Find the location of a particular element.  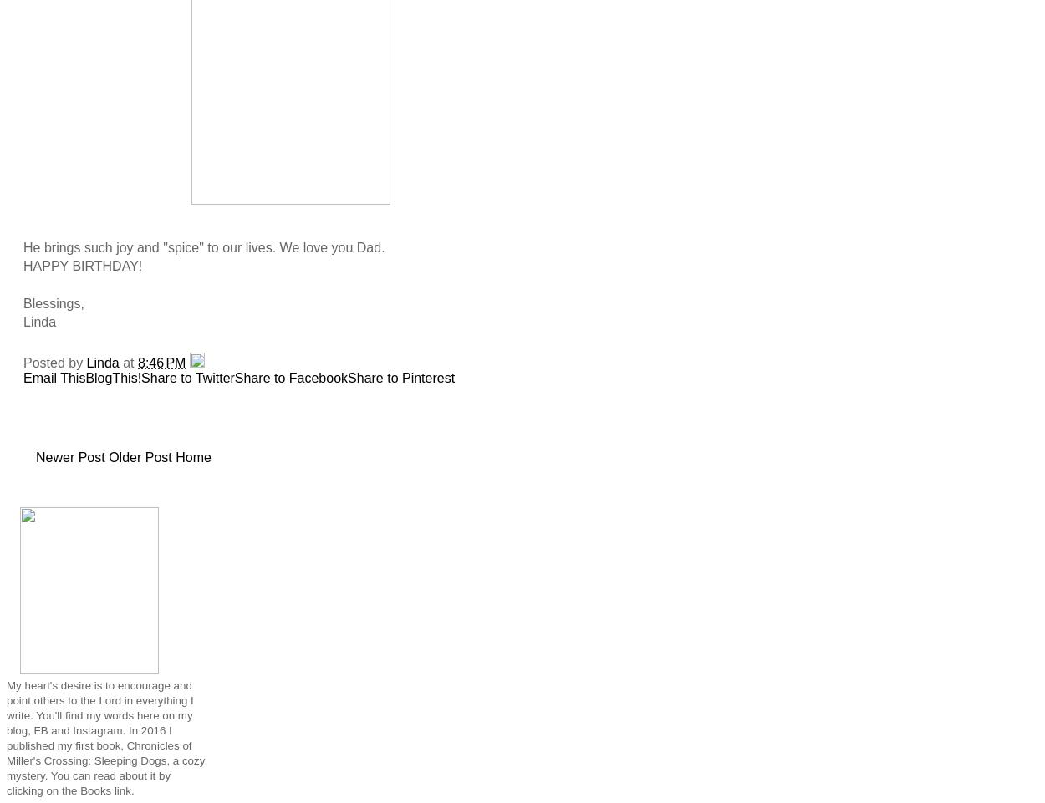

'BlogThis!' is located at coordinates (113, 376).